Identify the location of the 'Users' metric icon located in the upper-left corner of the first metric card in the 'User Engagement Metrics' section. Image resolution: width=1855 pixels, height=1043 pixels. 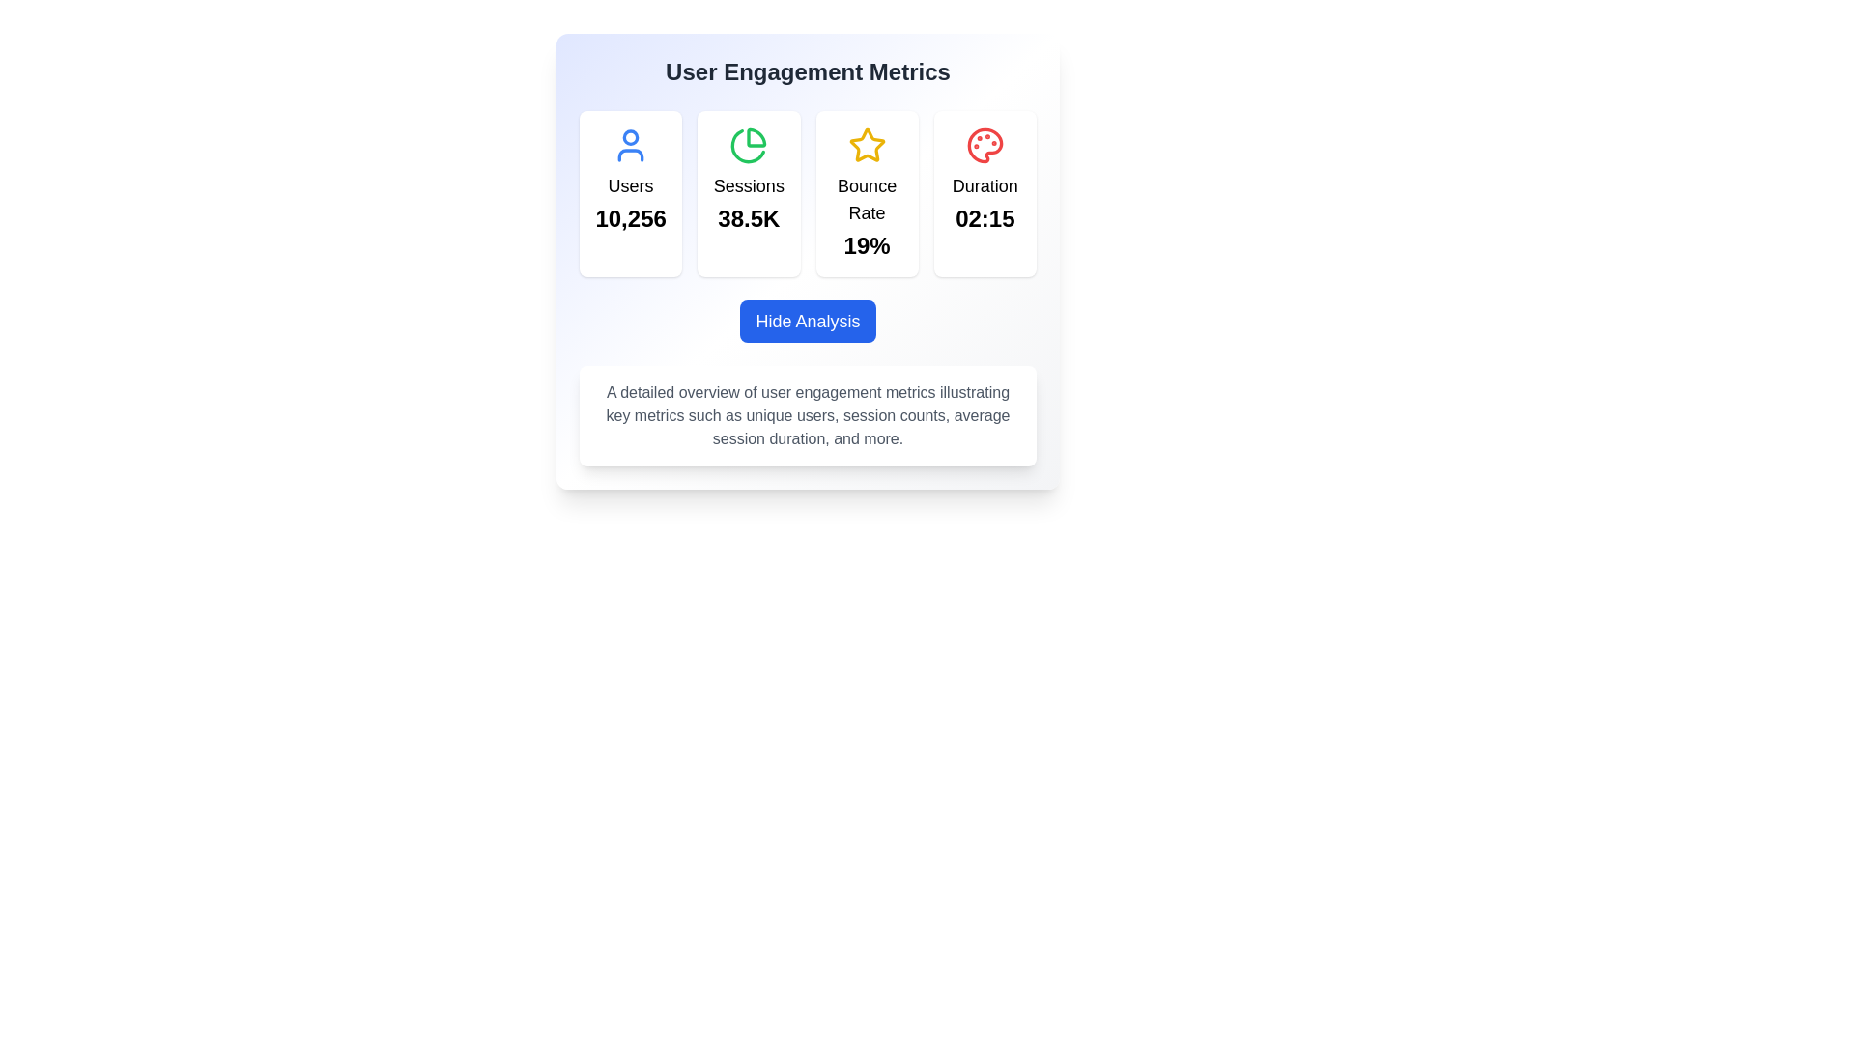
(631, 144).